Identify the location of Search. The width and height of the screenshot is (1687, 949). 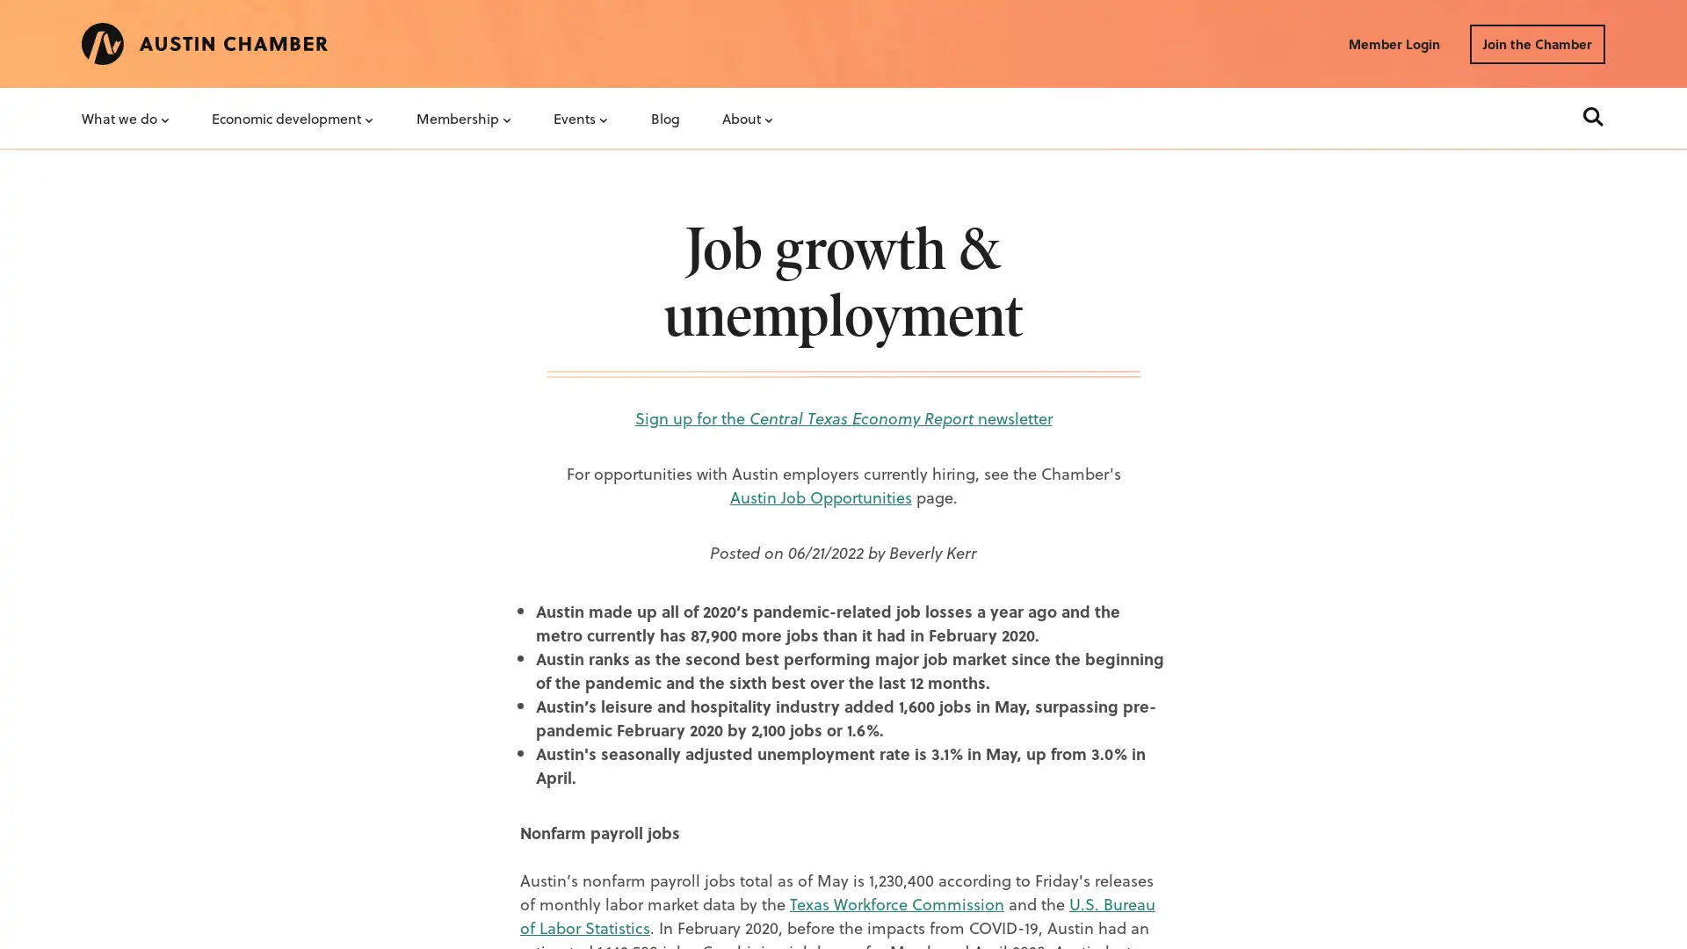
(1593, 118).